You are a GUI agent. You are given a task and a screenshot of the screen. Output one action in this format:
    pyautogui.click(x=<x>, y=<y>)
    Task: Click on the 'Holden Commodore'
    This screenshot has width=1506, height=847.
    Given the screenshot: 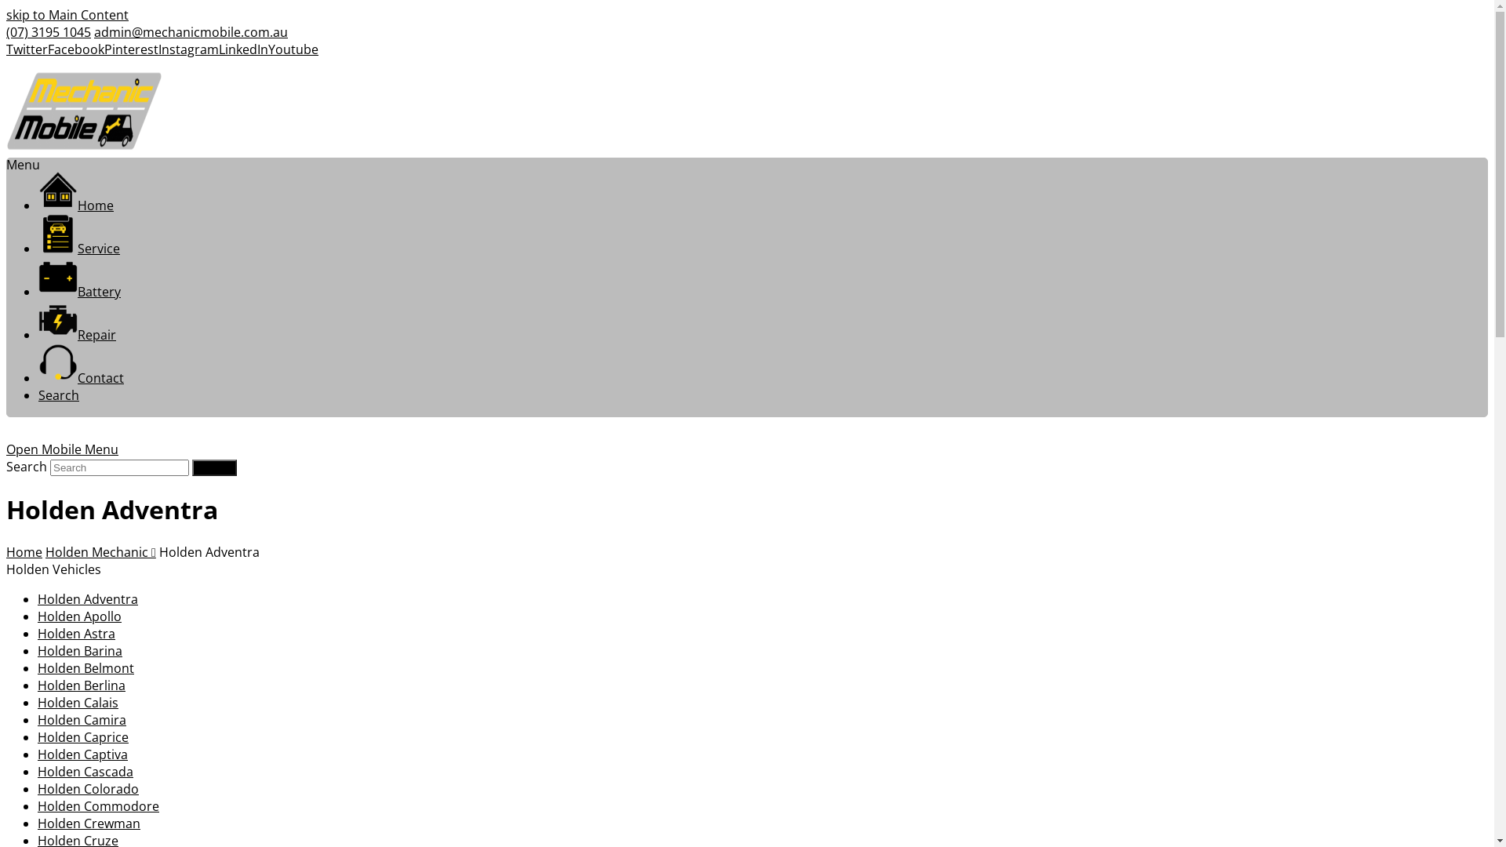 What is the action you would take?
    pyautogui.click(x=97, y=806)
    